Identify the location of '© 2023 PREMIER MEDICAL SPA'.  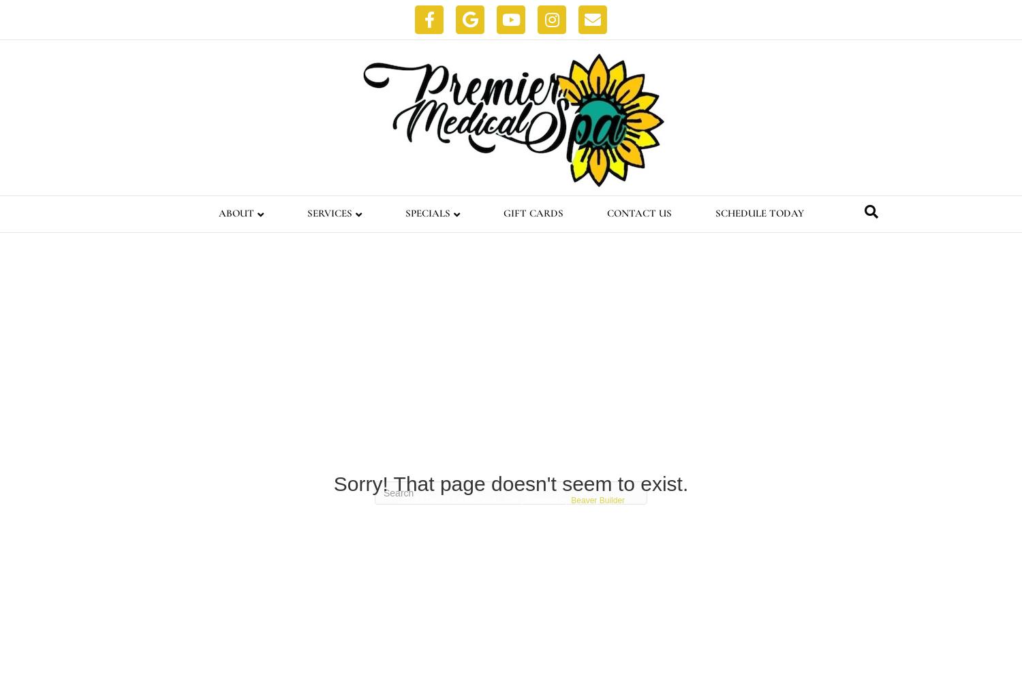
(457, 500).